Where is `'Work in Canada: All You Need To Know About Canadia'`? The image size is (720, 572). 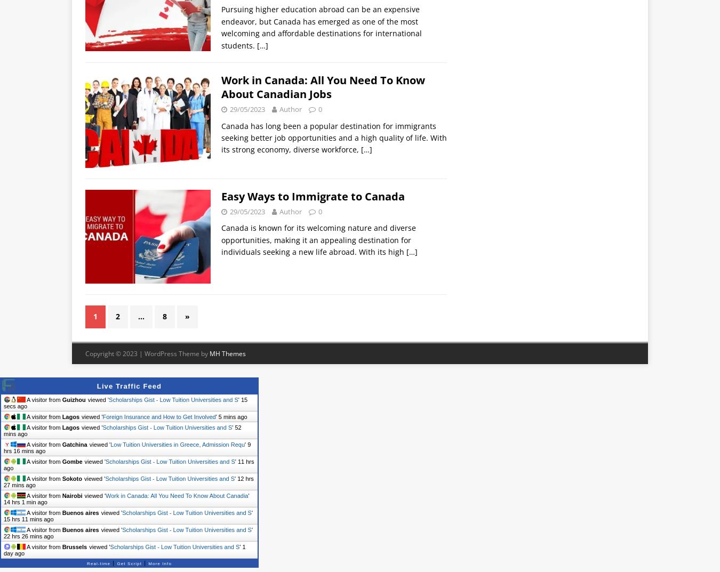
'Work in Canada: All You Need To Know About Canadia' is located at coordinates (106, 495).